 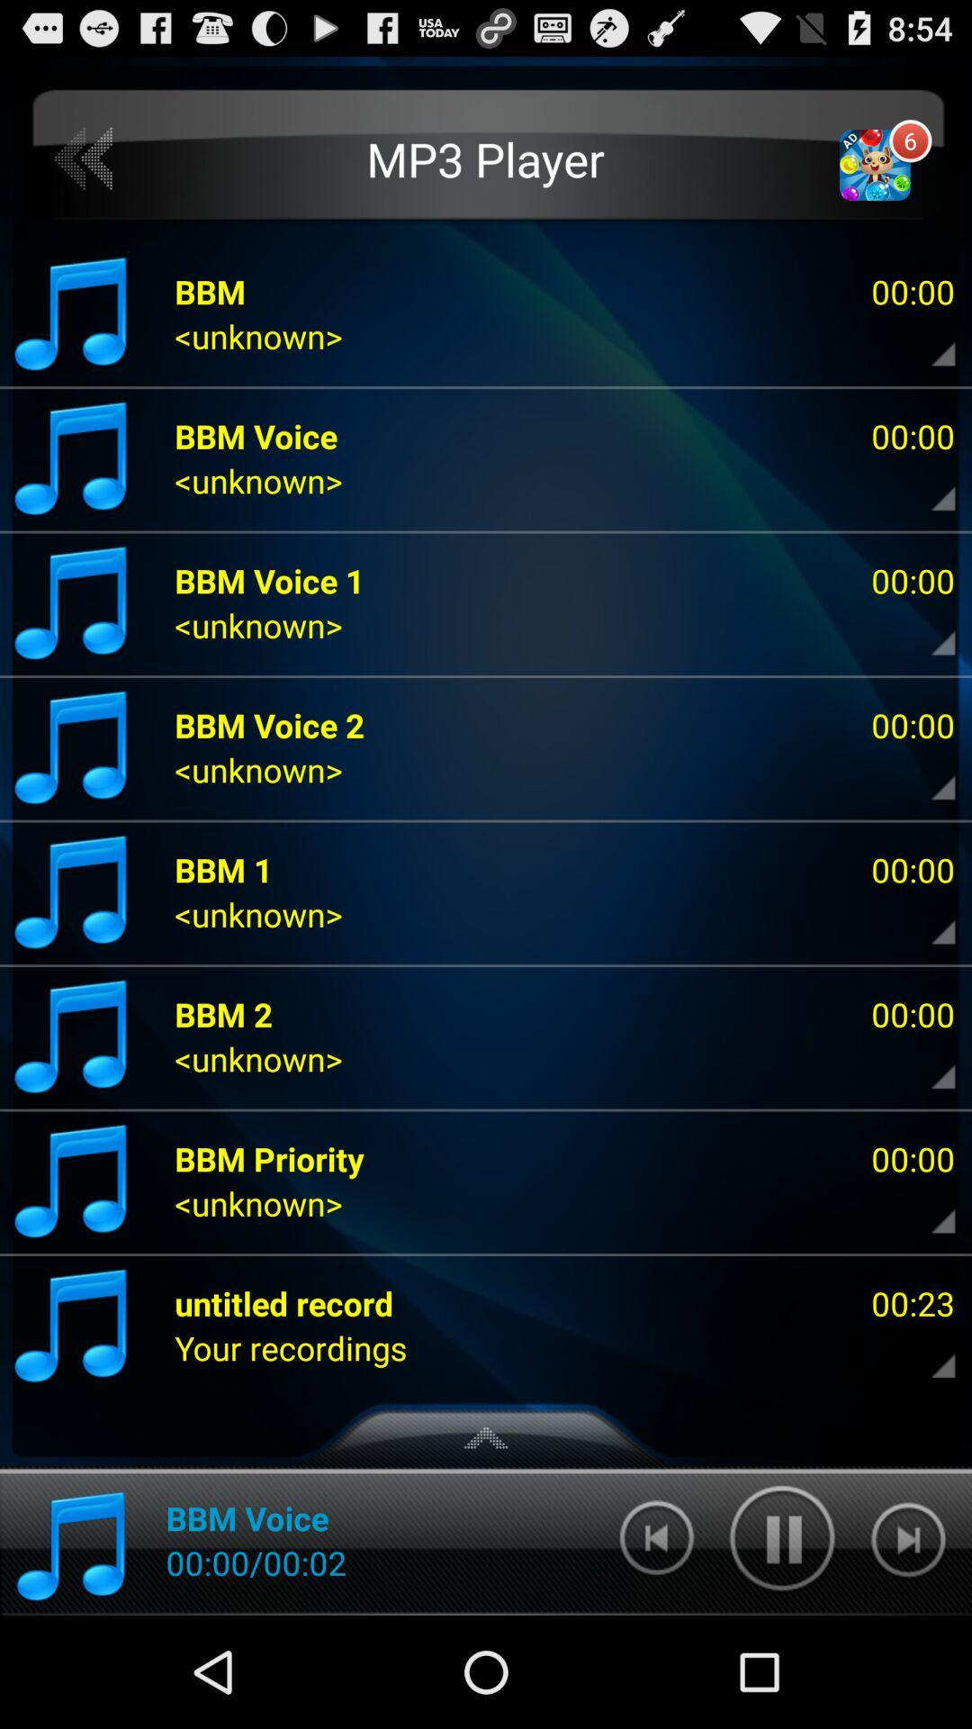 I want to click on the skip_previous icon, so click(x=656, y=1646).